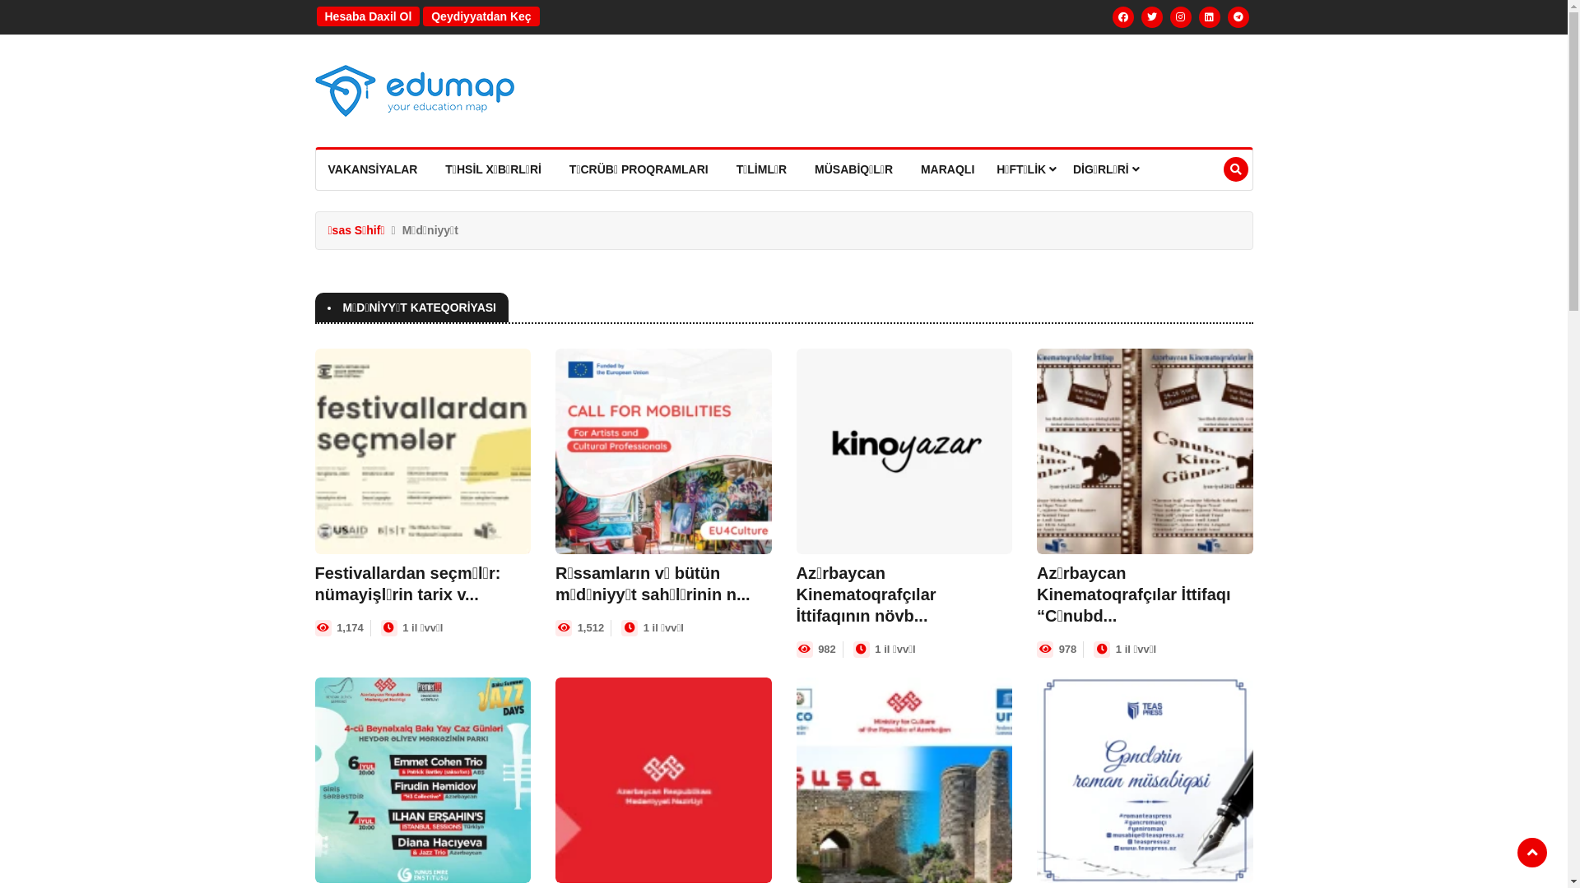 The height and width of the screenshot is (888, 1580). Describe the element at coordinates (349, 627) in the screenshot. I see `'1,174'` at that location.